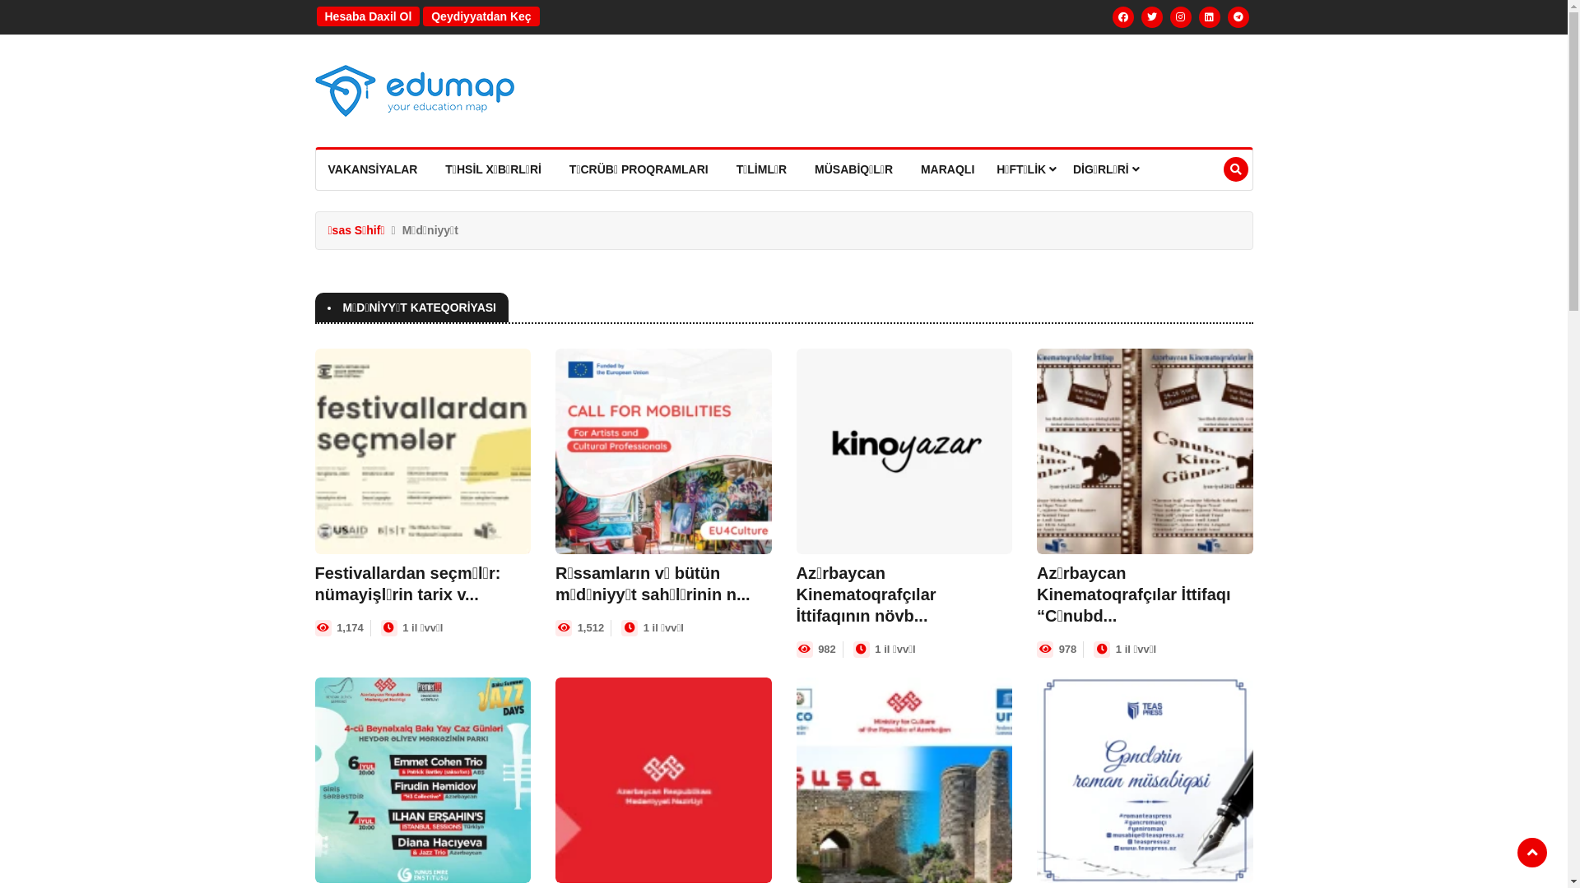 The height and width of the screenshot is (888, 1580). Describe the element at coordinates (349, 627) in the screenshot. I see `'1,174'` at that location.